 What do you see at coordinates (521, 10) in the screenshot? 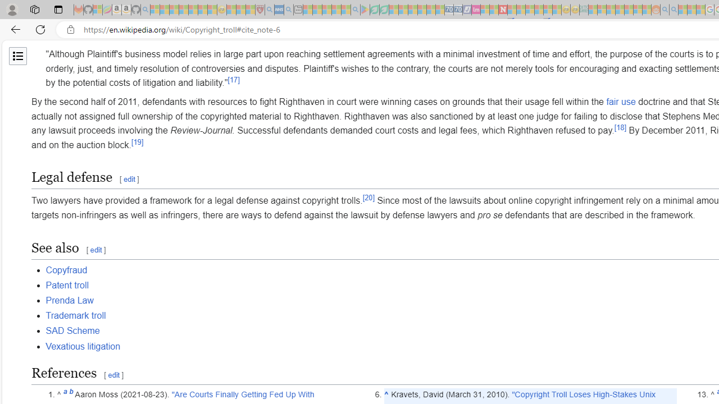
I see `'14 Common Myths Debunked By Scientific Facts - Sleeping'` at bounding box center [521, 10].